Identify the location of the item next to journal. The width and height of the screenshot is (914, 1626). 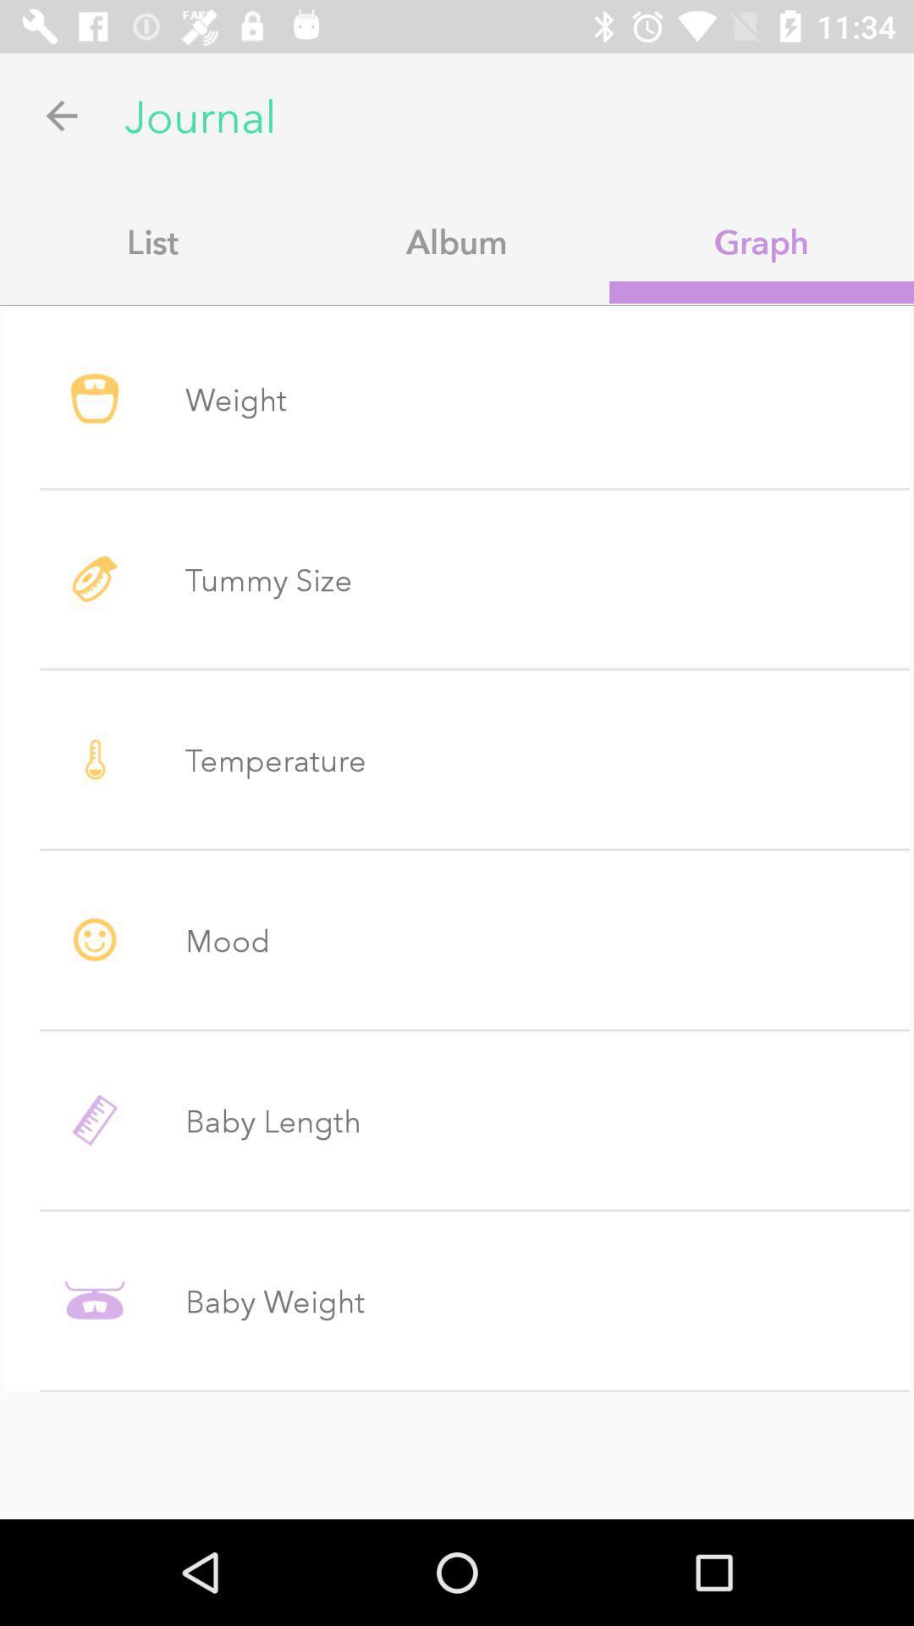
(61, 114).